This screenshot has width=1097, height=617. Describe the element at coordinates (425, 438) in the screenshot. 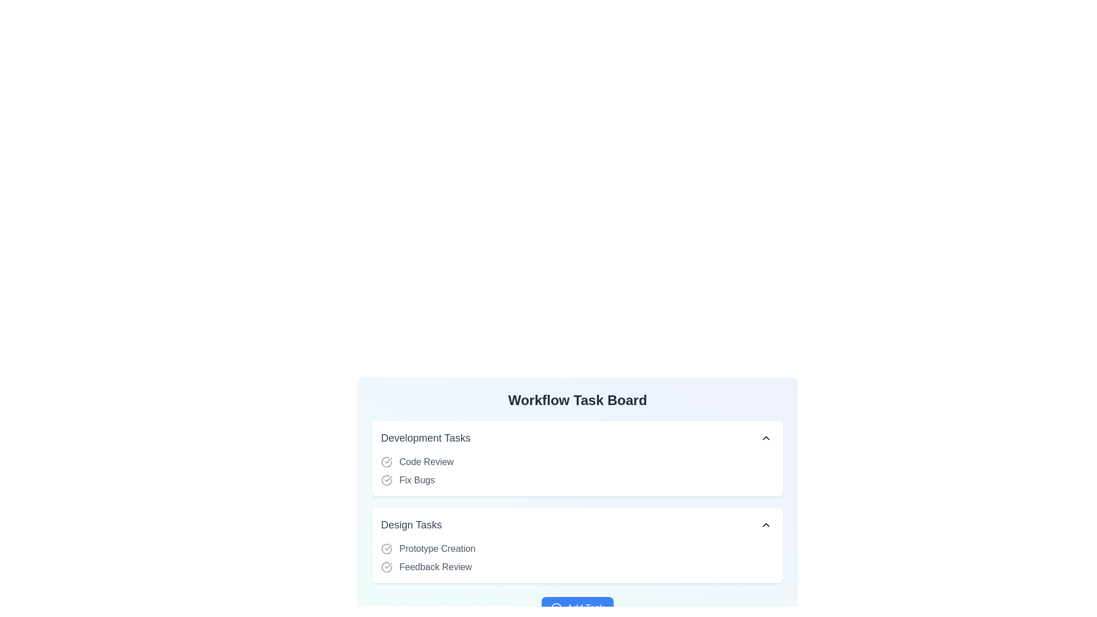

I see `the bold and large text label reading 'Development Tasks', which signifies the start of a section and is styled with a grayish hue` at that location.